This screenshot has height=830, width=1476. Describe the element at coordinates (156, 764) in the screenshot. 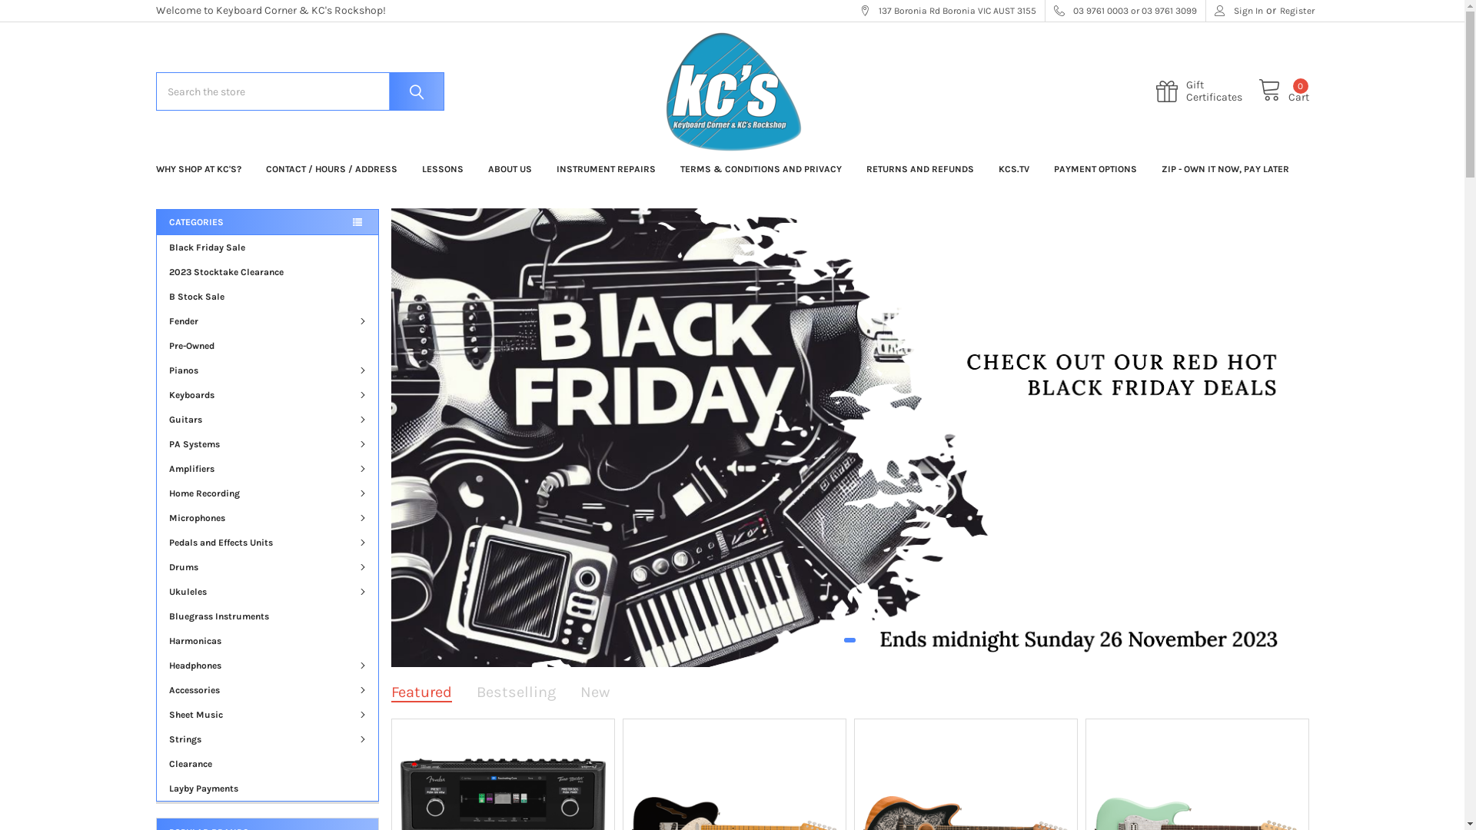

I see `'Clearance'` at that location.